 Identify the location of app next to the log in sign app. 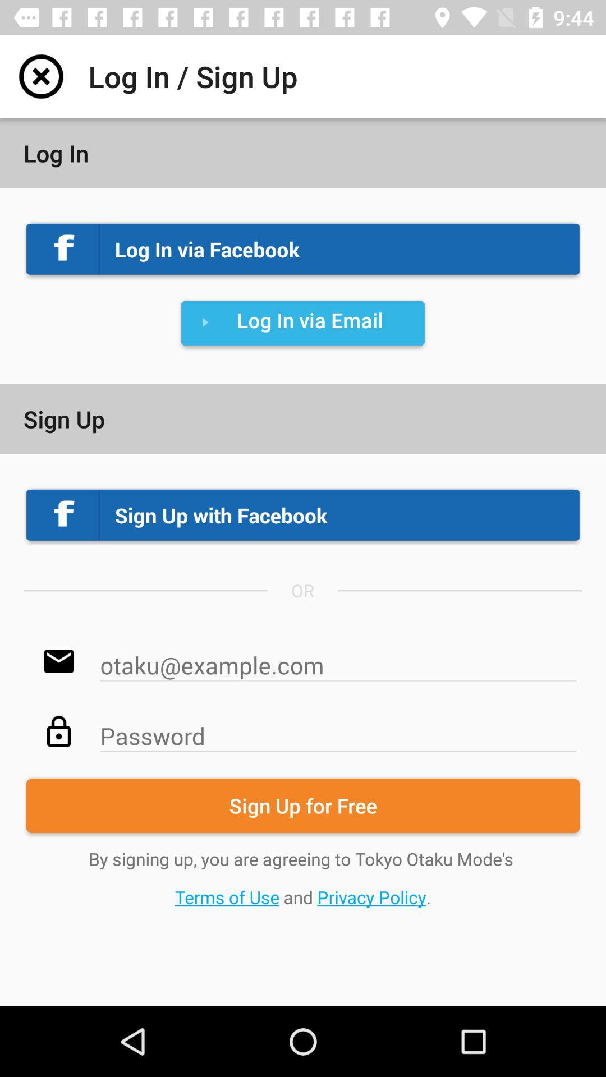
(40, 76).